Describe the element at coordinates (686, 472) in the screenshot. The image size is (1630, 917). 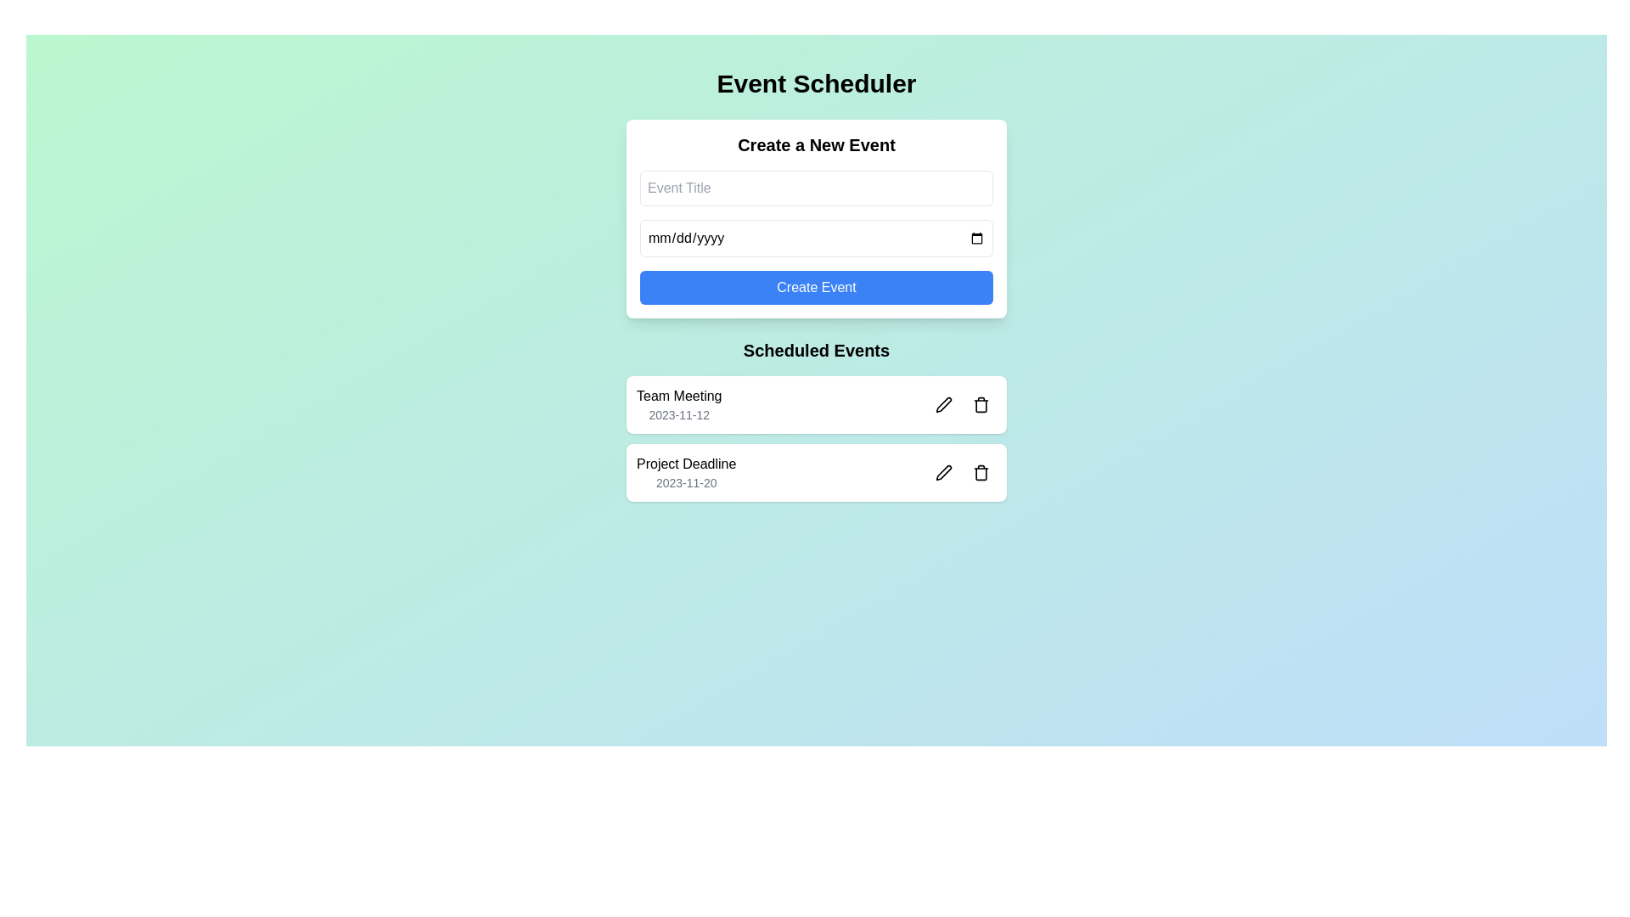
I see `the text label displaying the event name 'Project Deadline' and its associated date '2023-11-20', located in the second row of the 'Scheduled Events' section beneath the 'Team Meeting' entry` at that location.